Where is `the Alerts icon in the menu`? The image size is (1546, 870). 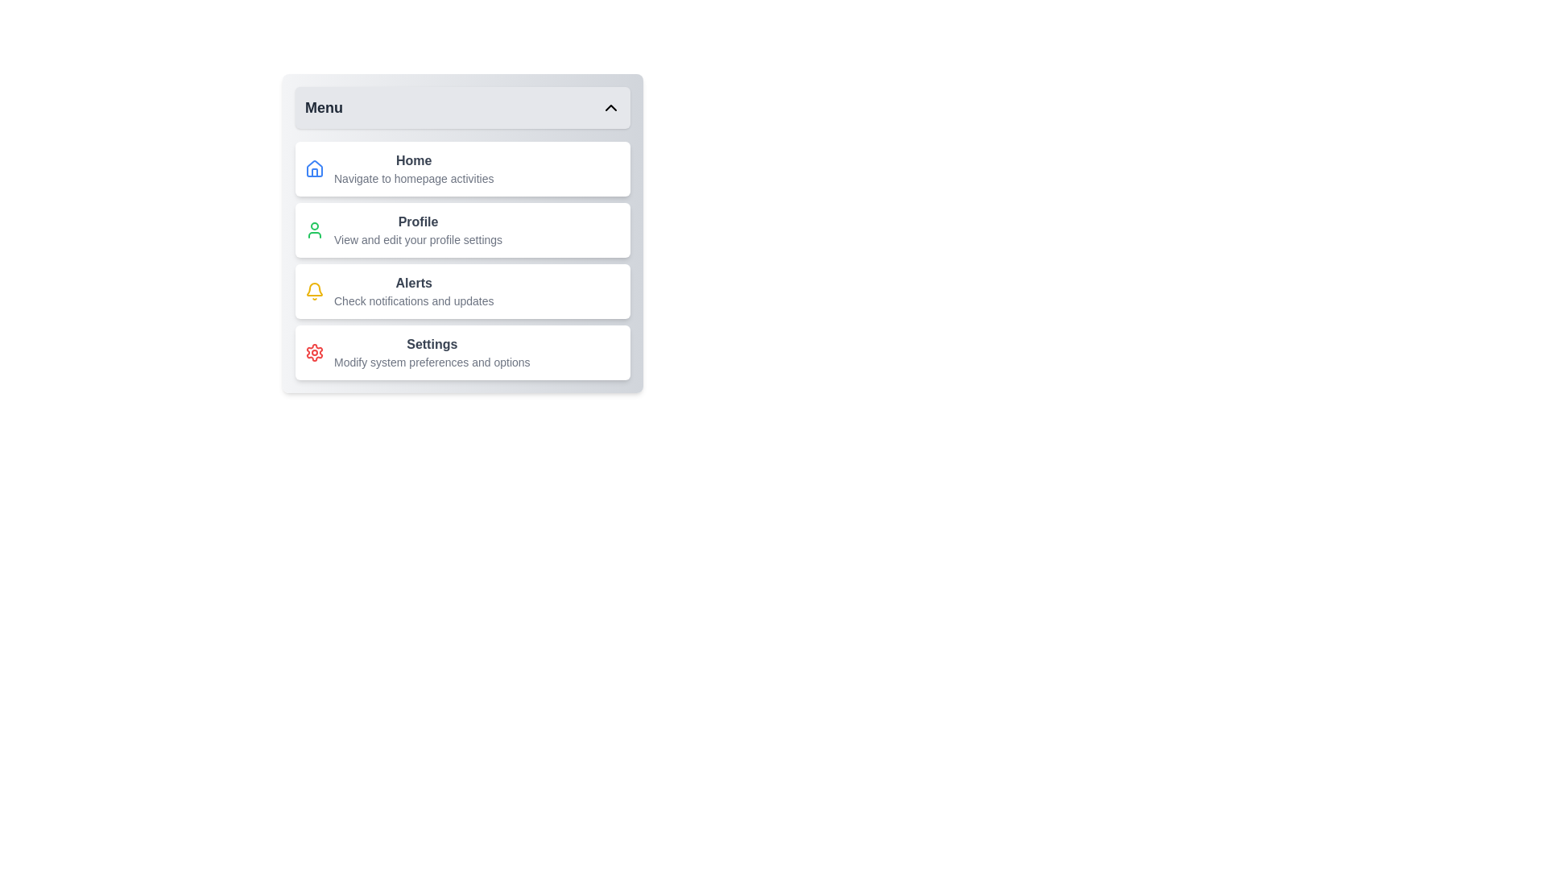 the Alerts icon in the menu is located at coordinates (314, 292).